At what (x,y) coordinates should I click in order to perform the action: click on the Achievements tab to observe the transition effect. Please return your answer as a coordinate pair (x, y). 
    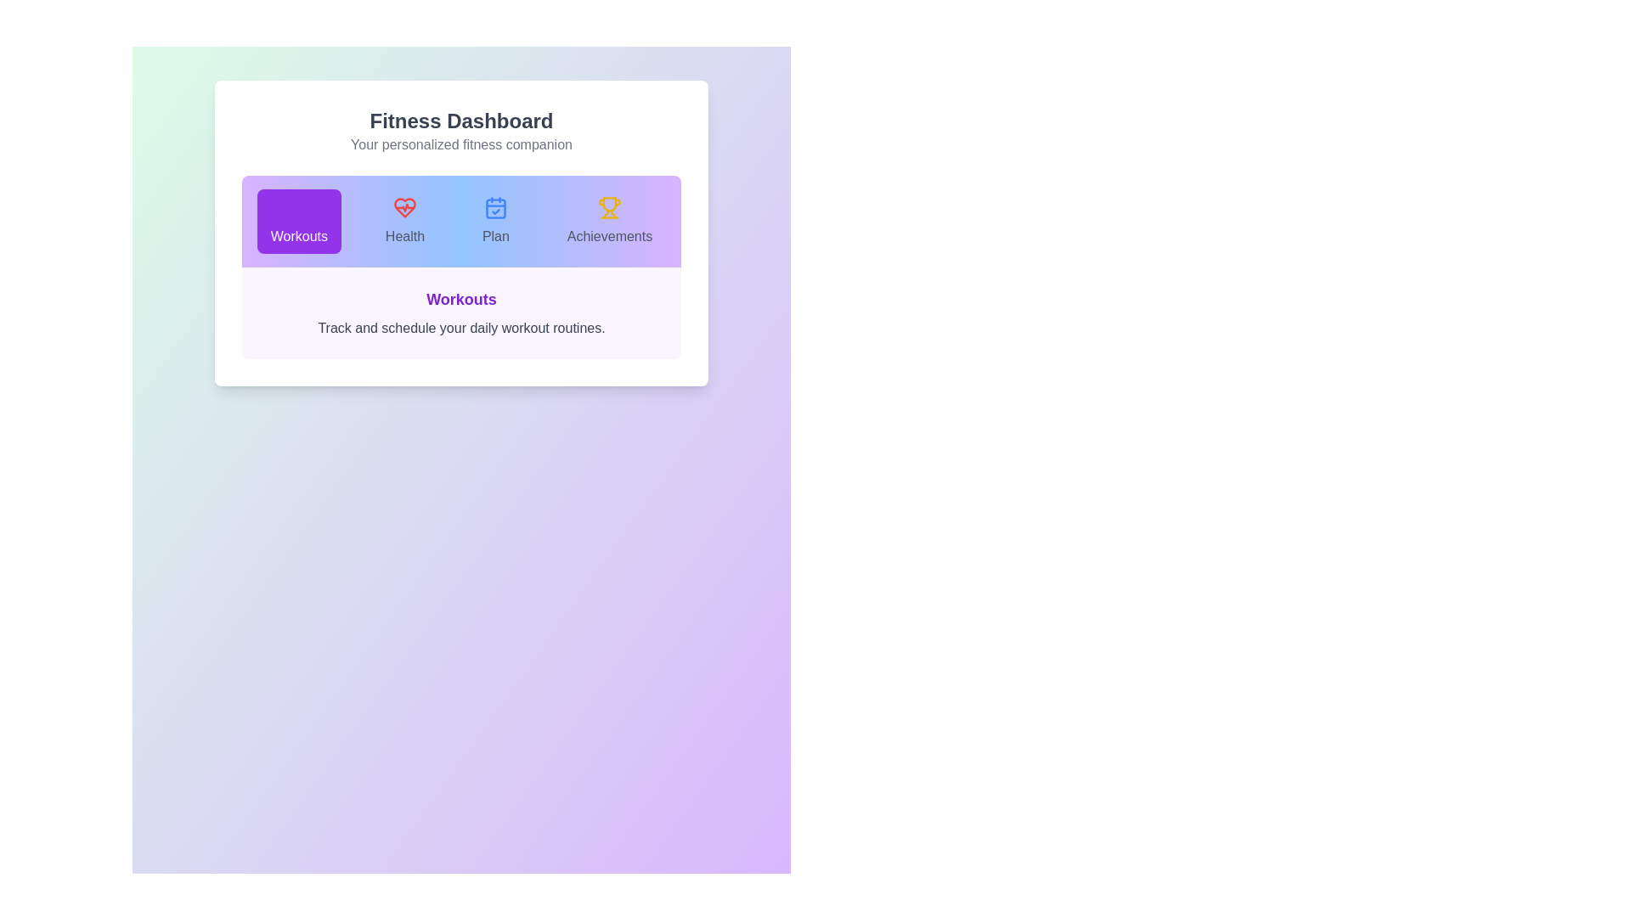
    Looking at the image, I should click on (610, 221).